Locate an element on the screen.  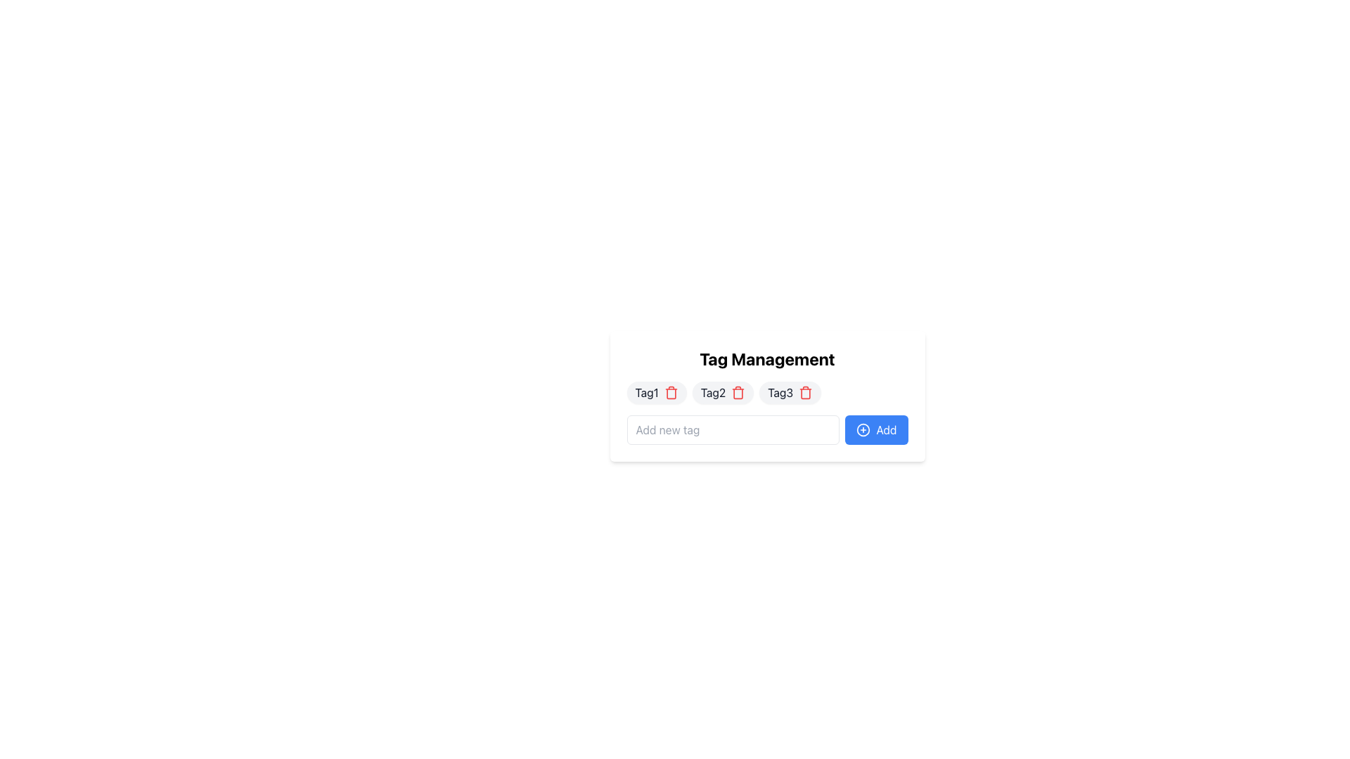
the circular '+' icon within the 'Add' button, which is styled with a border and has a blue background, located at the bottom-right corner of the tag management interface is located at coordinates (863, 429).